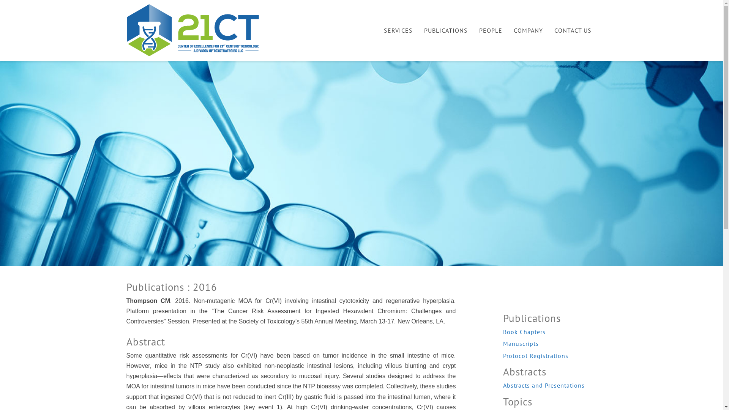 The image size is (729, 410). I want to click on 'COMPANY', so click(508, 30).